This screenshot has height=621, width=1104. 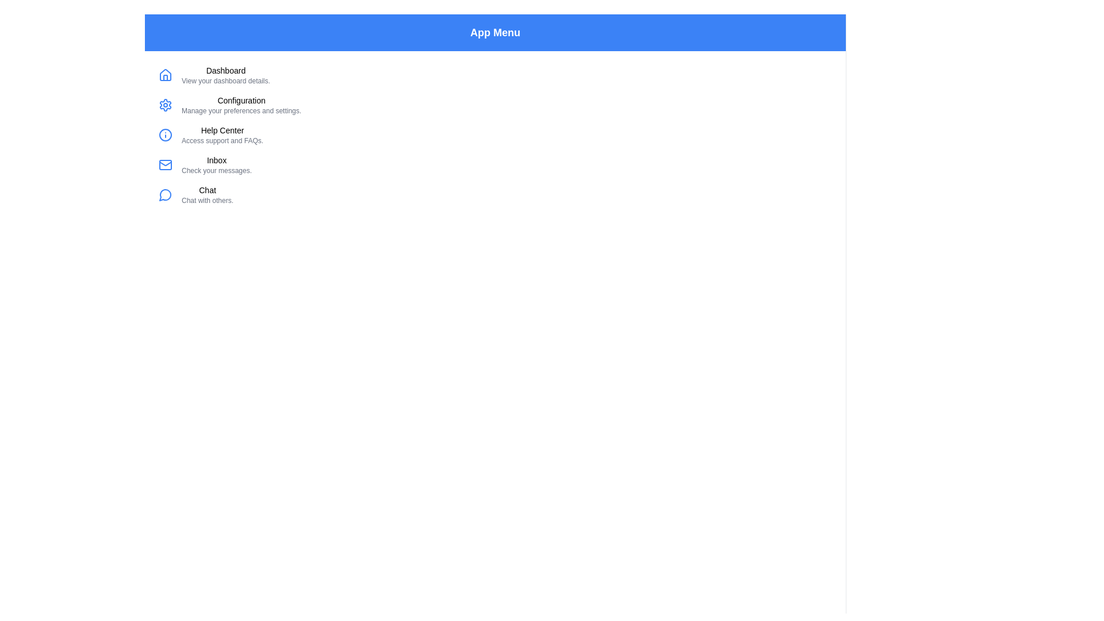 I want to click on the 'Dashboard' label, which is the first item in the vertical list of section headers, so click(x=226, y=71).